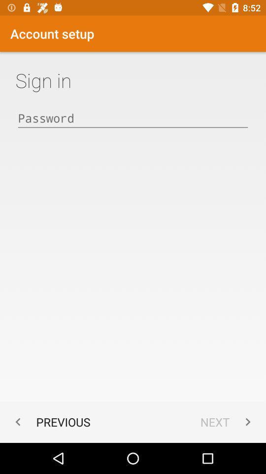  Describe the element at coordinates (228, 421) in the screenshot. I see `next item` at that location.